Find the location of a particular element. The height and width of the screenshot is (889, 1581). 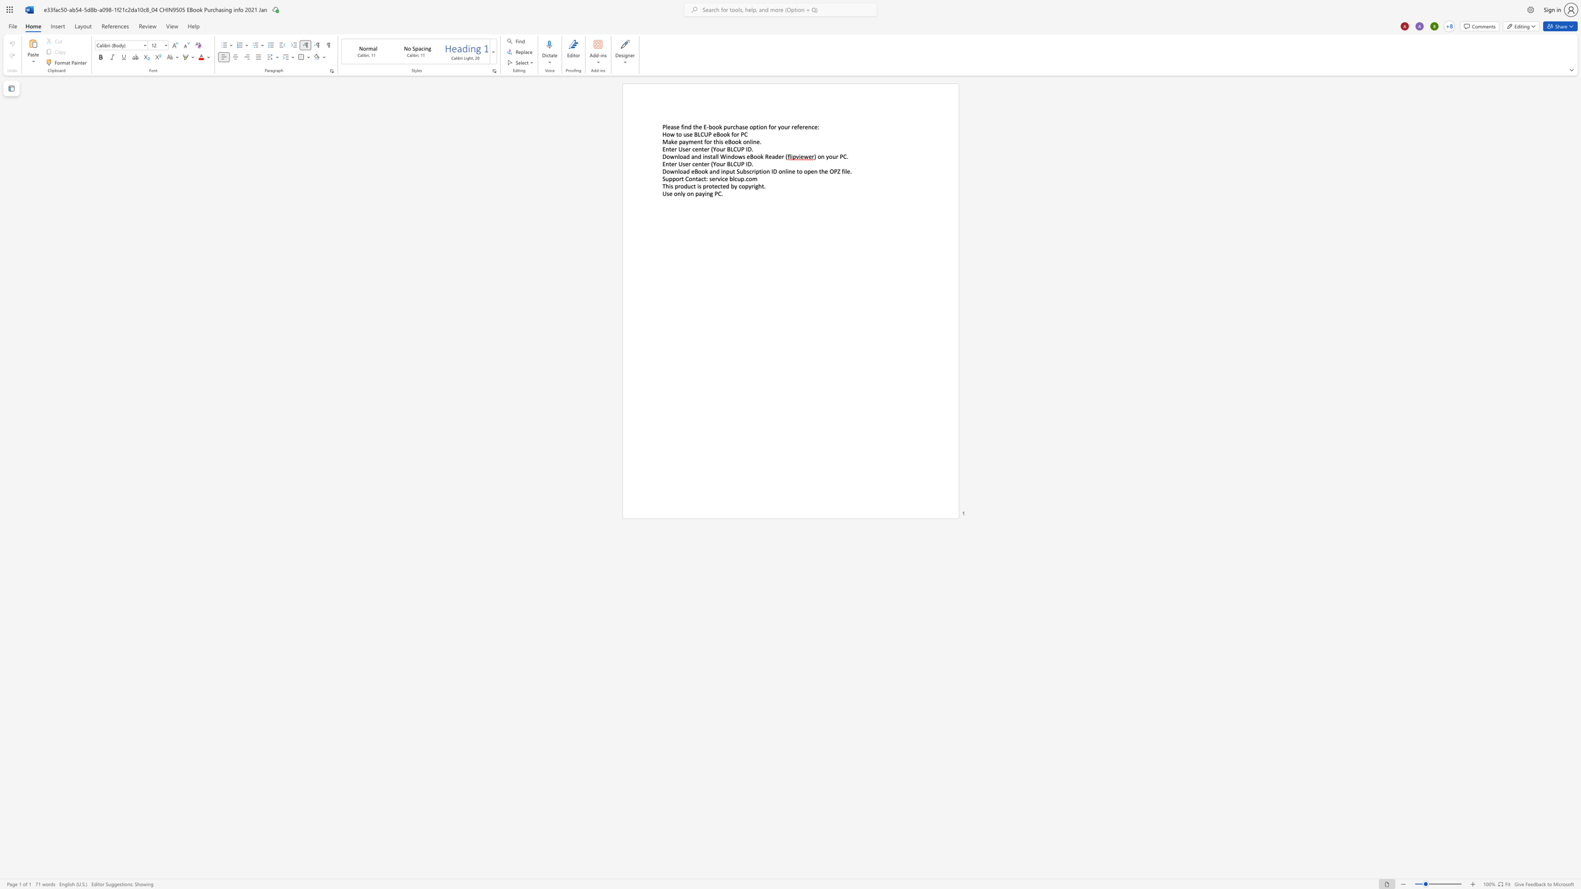

the 3th character "e" in the text is located at coordinates (780, 156).